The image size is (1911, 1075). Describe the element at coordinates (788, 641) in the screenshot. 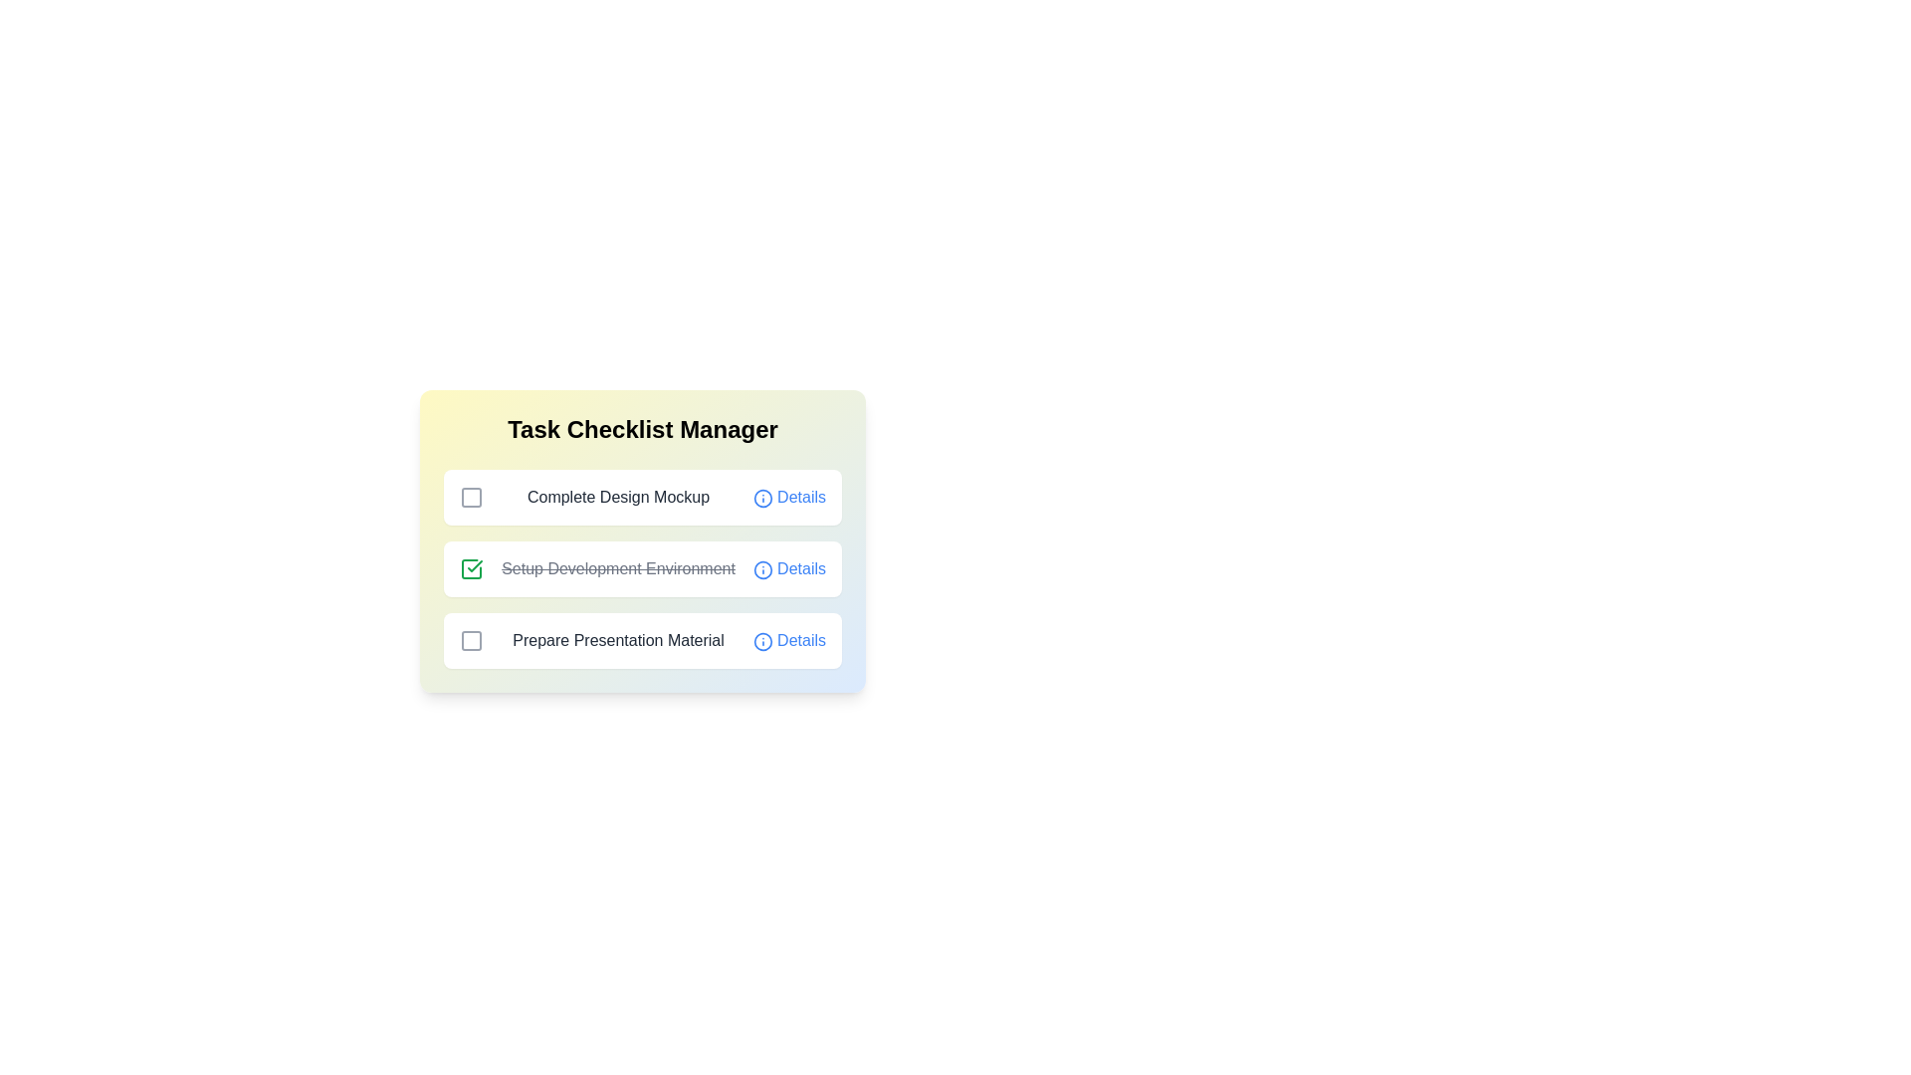

I see `the 'Details' button for the task identified by Prepare Presentation Material` at that location.